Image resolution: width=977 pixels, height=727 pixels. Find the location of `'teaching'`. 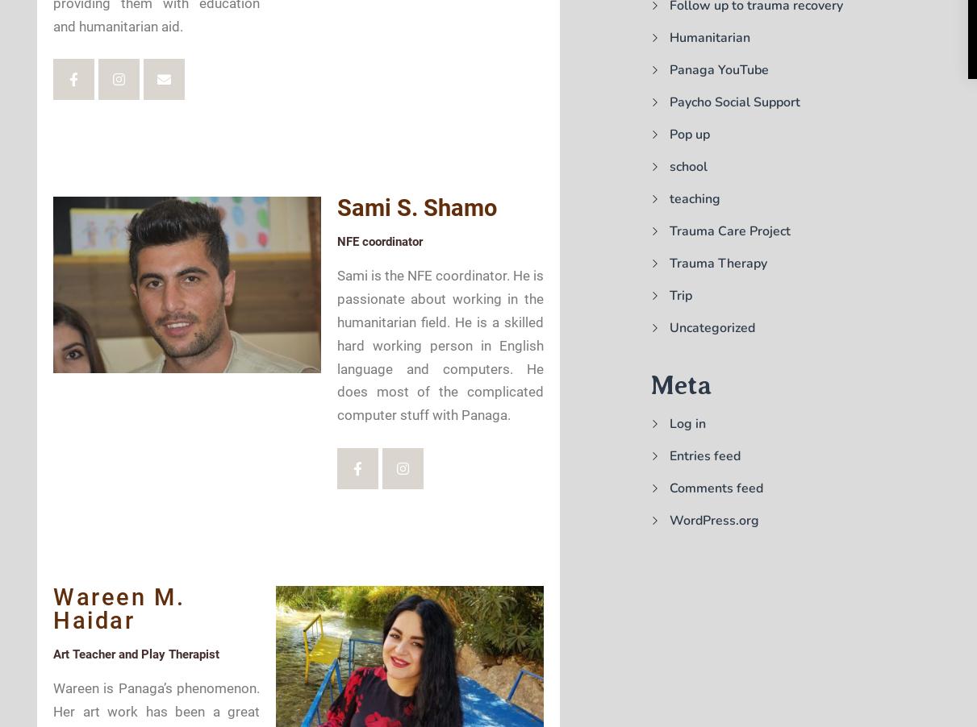

'teaching' is located at coordinates (670, 198).